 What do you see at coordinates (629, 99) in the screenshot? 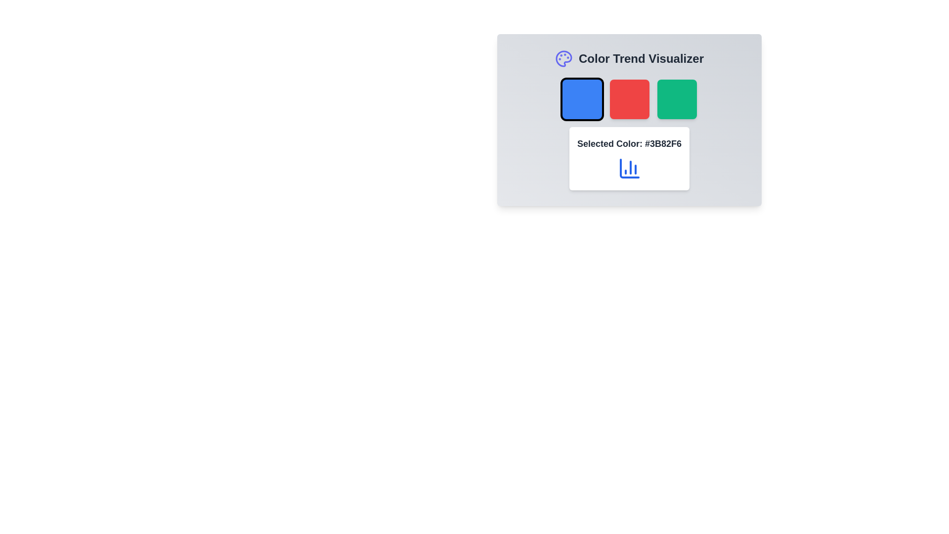
I see `the middle button in the color palette grid` at bounding box center [629, 99].